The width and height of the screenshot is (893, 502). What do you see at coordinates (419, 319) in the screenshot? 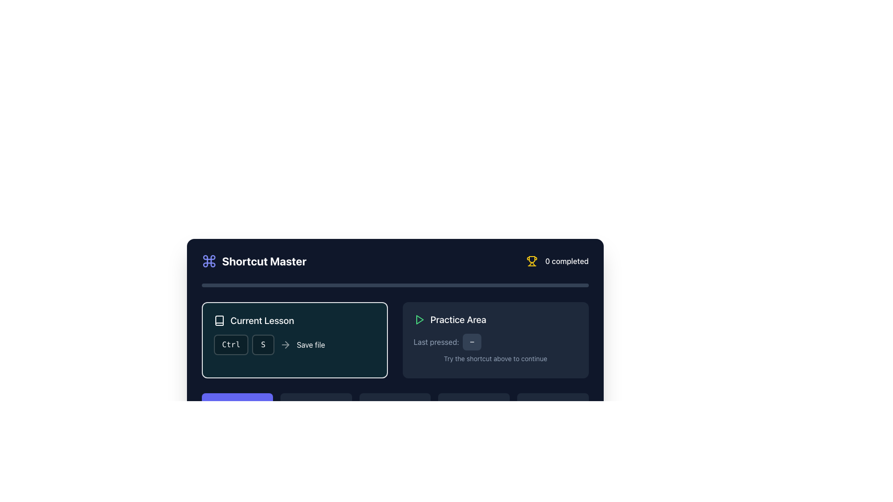
I see `the button that initiates the Practice Area feature, located to the left of the title 'Practice Area'` at bounding box center [419, 319].